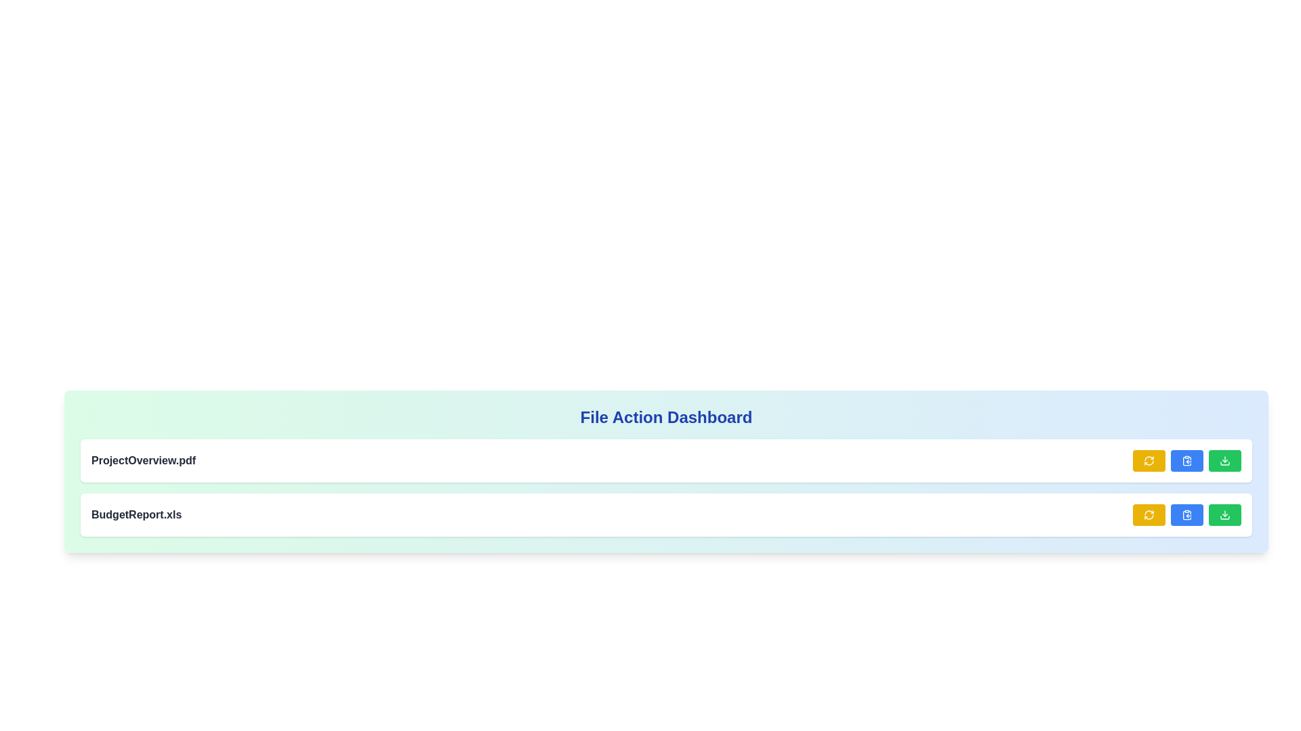  What do you see at coordinates (1225, 514) in the screenshot?
I see `the download button located in the bottom-right corner of the second row within the file action section to initiate the file download` at bounding box center [1225, 514].